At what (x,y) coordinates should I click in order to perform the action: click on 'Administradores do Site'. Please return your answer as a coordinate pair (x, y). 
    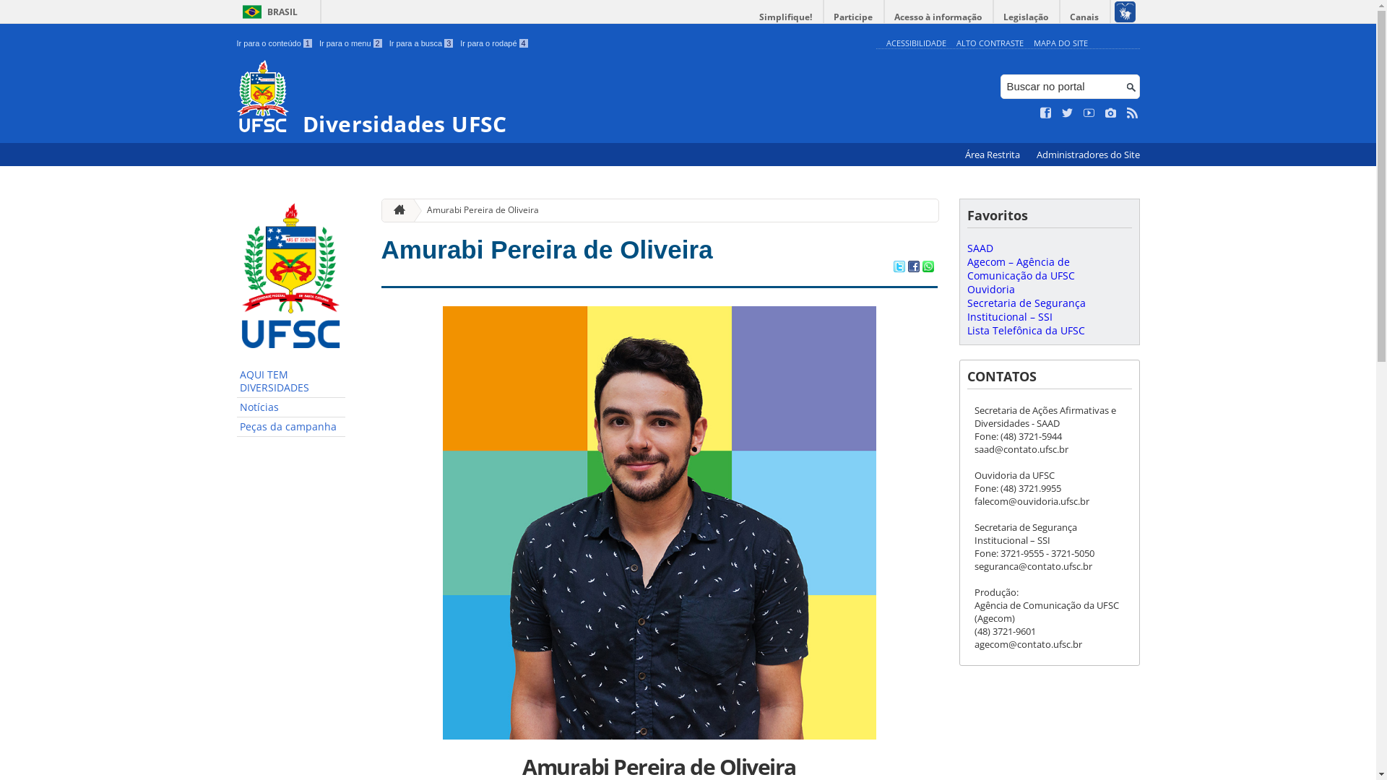
    Looking at the image, I should click on (1087, 155).